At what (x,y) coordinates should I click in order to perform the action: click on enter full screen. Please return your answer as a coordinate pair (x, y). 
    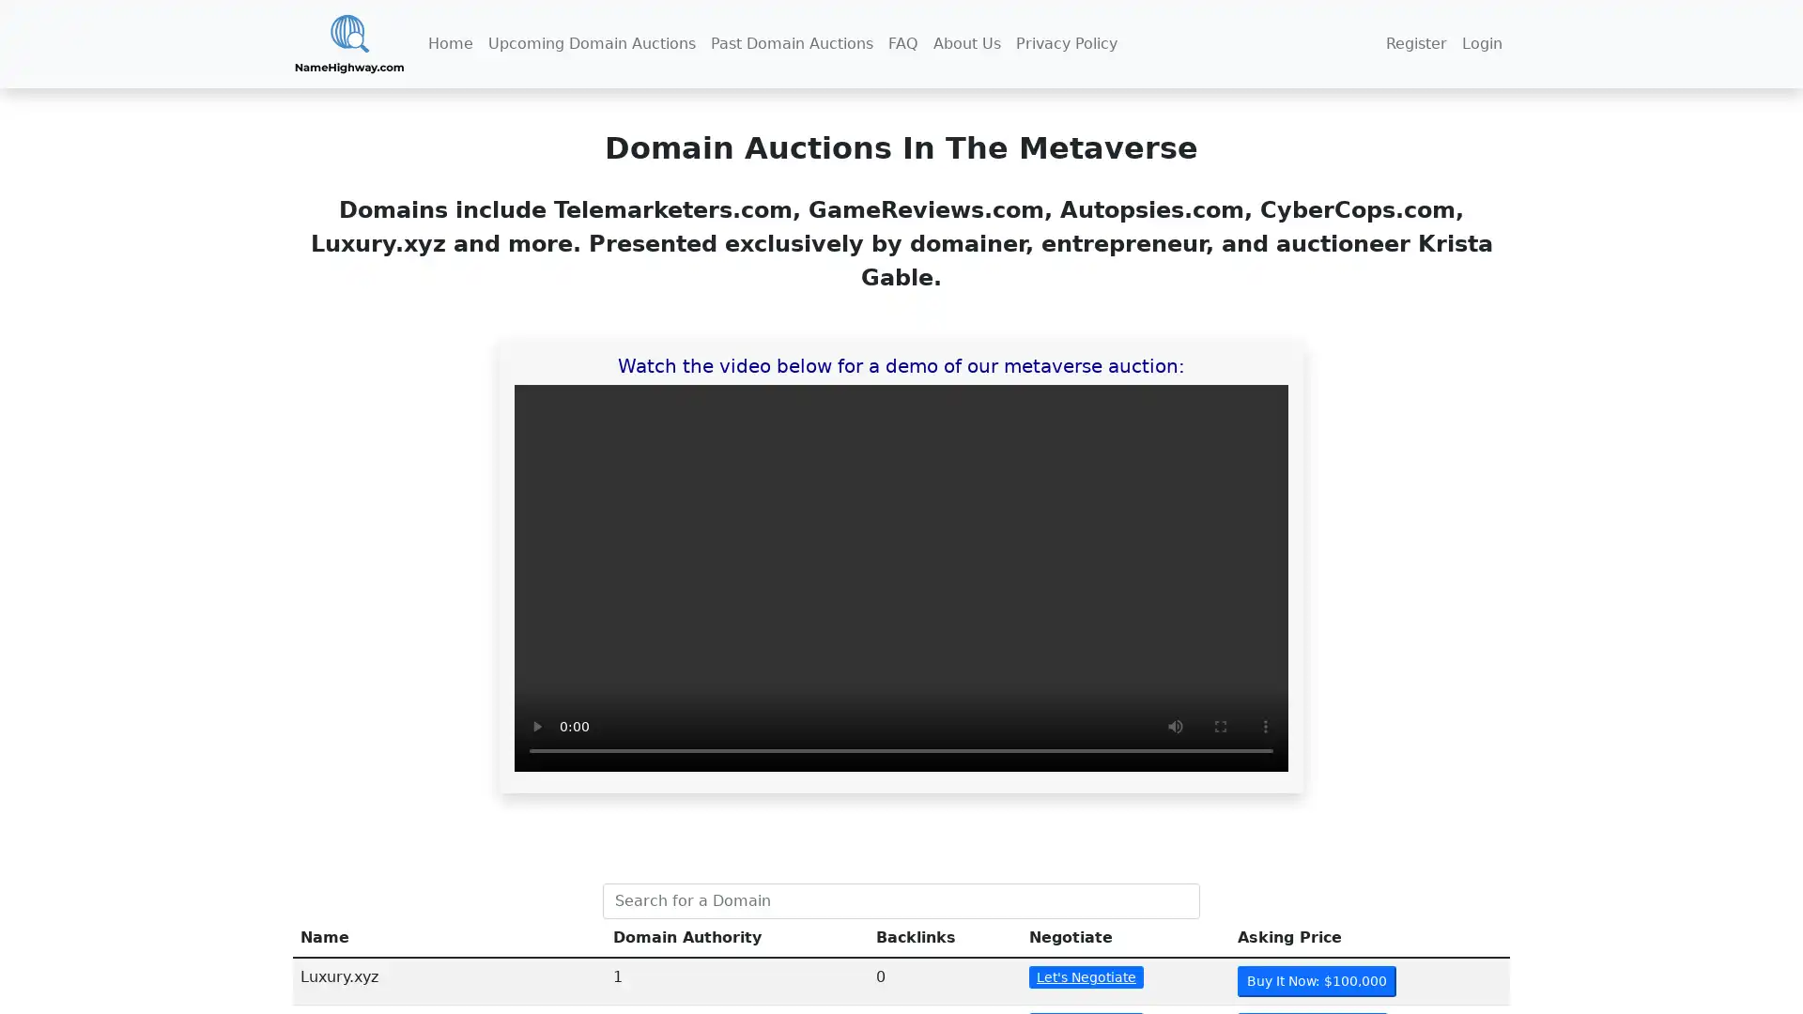
    Looking at the image, I should click on (1221, 726).